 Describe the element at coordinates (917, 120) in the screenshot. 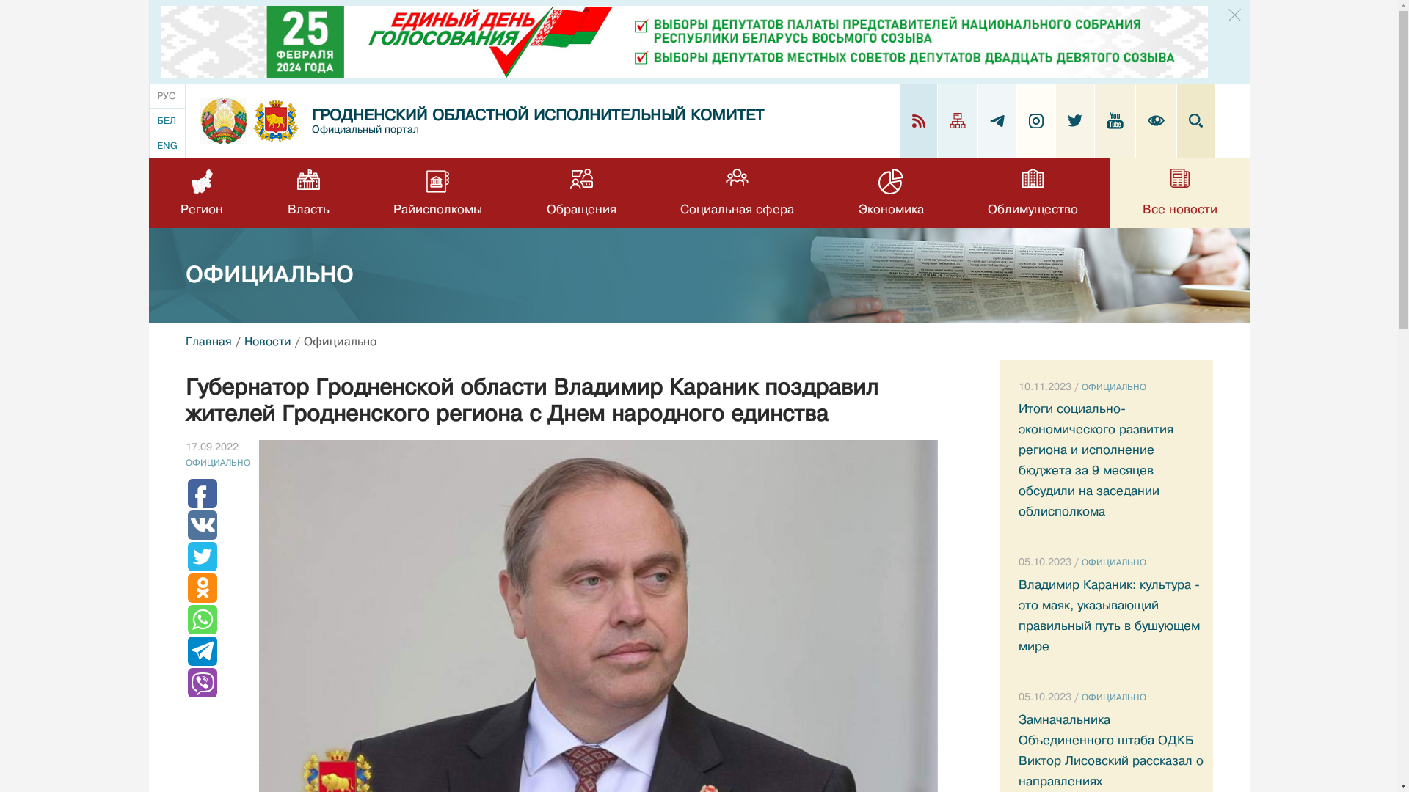

I see `'rss'` at that location.